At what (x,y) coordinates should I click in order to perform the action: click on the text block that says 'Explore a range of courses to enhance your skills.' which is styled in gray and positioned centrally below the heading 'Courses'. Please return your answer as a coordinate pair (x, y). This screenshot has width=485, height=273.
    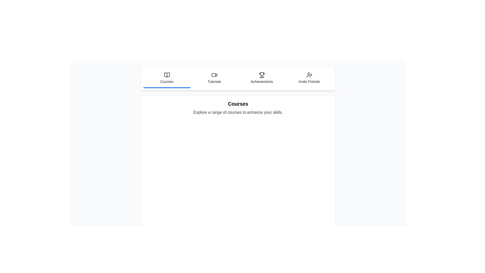
    Looking at the image, I should click on (238, 112).